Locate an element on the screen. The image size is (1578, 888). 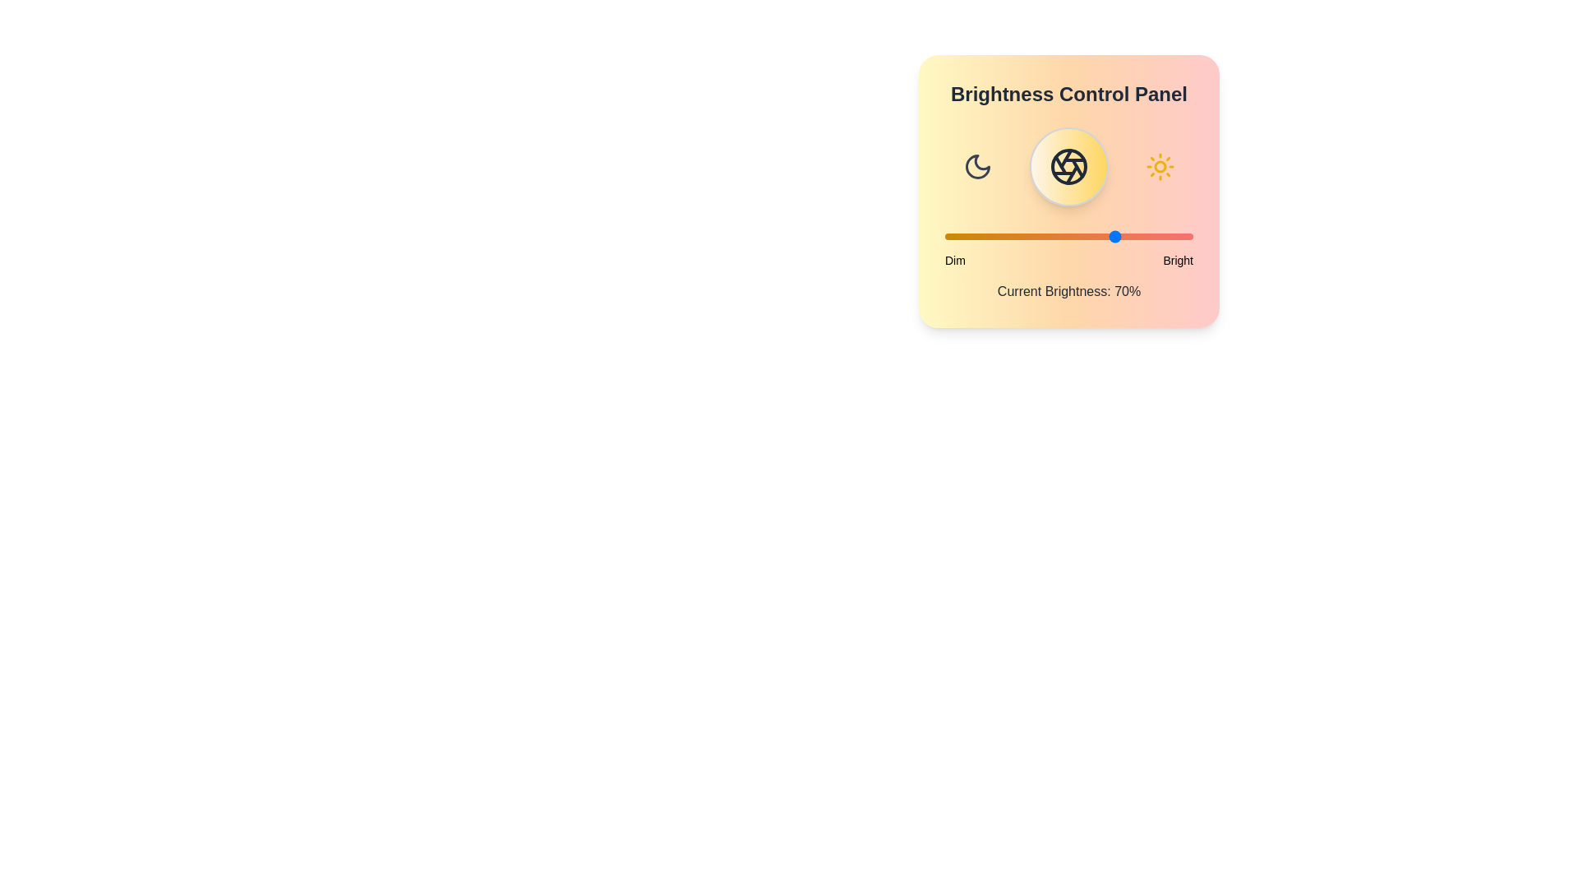
the moon icon to provide visual feedback is located at coordinates (978, 167).